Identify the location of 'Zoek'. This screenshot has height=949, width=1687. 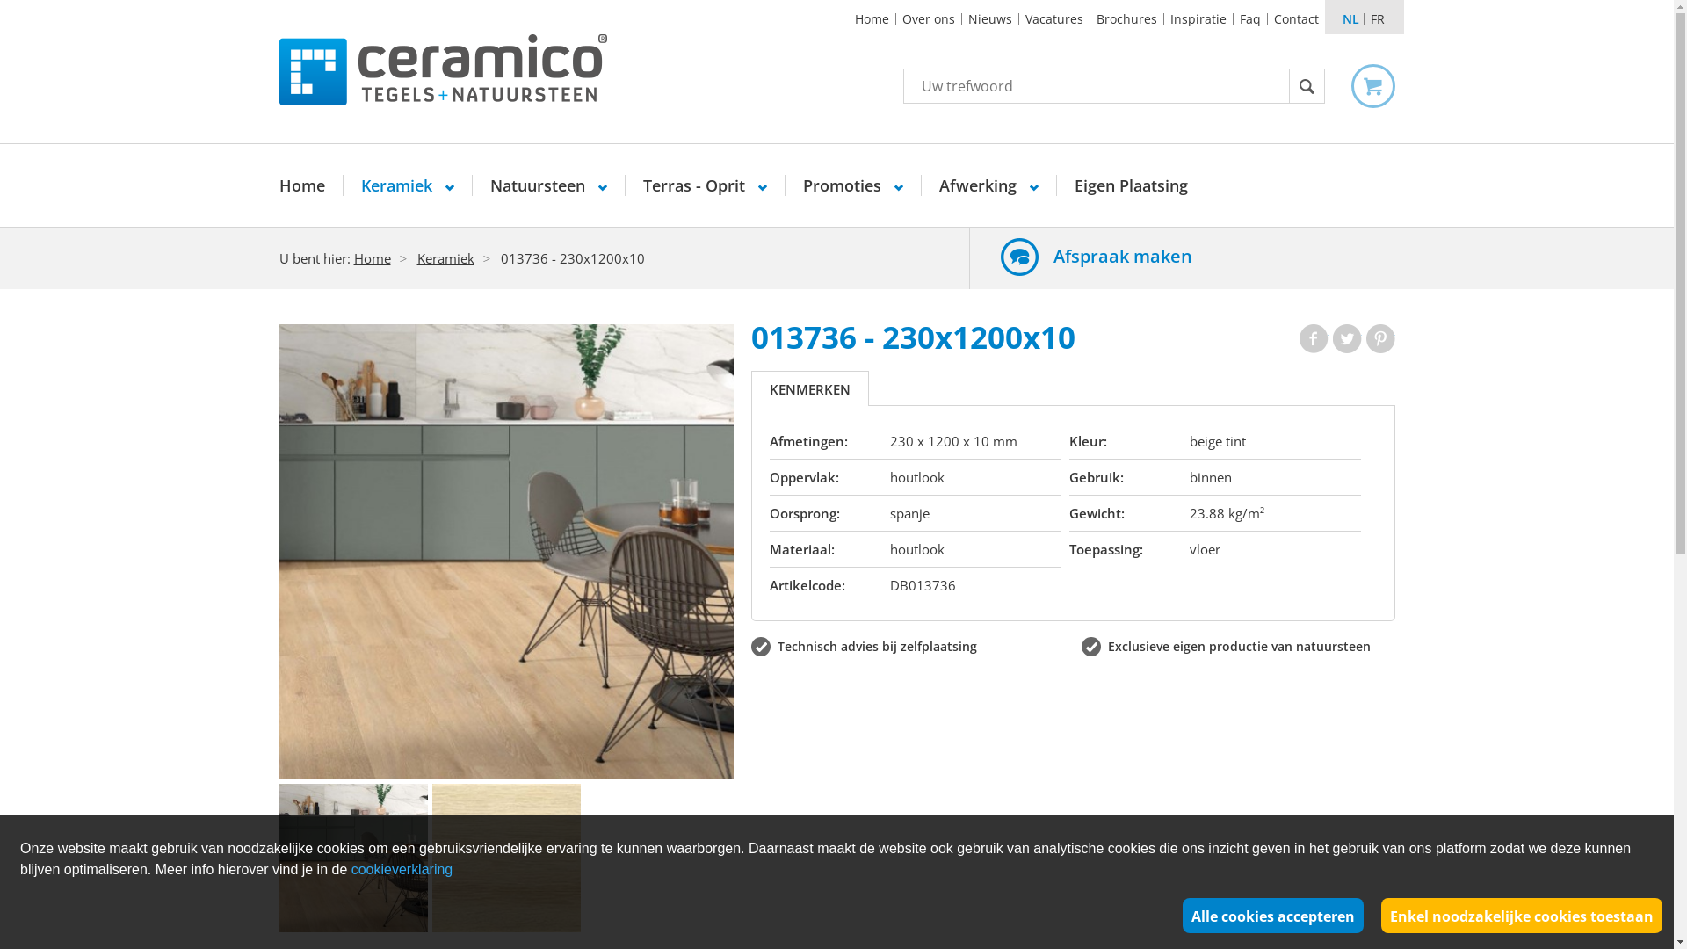
(1307, 85).